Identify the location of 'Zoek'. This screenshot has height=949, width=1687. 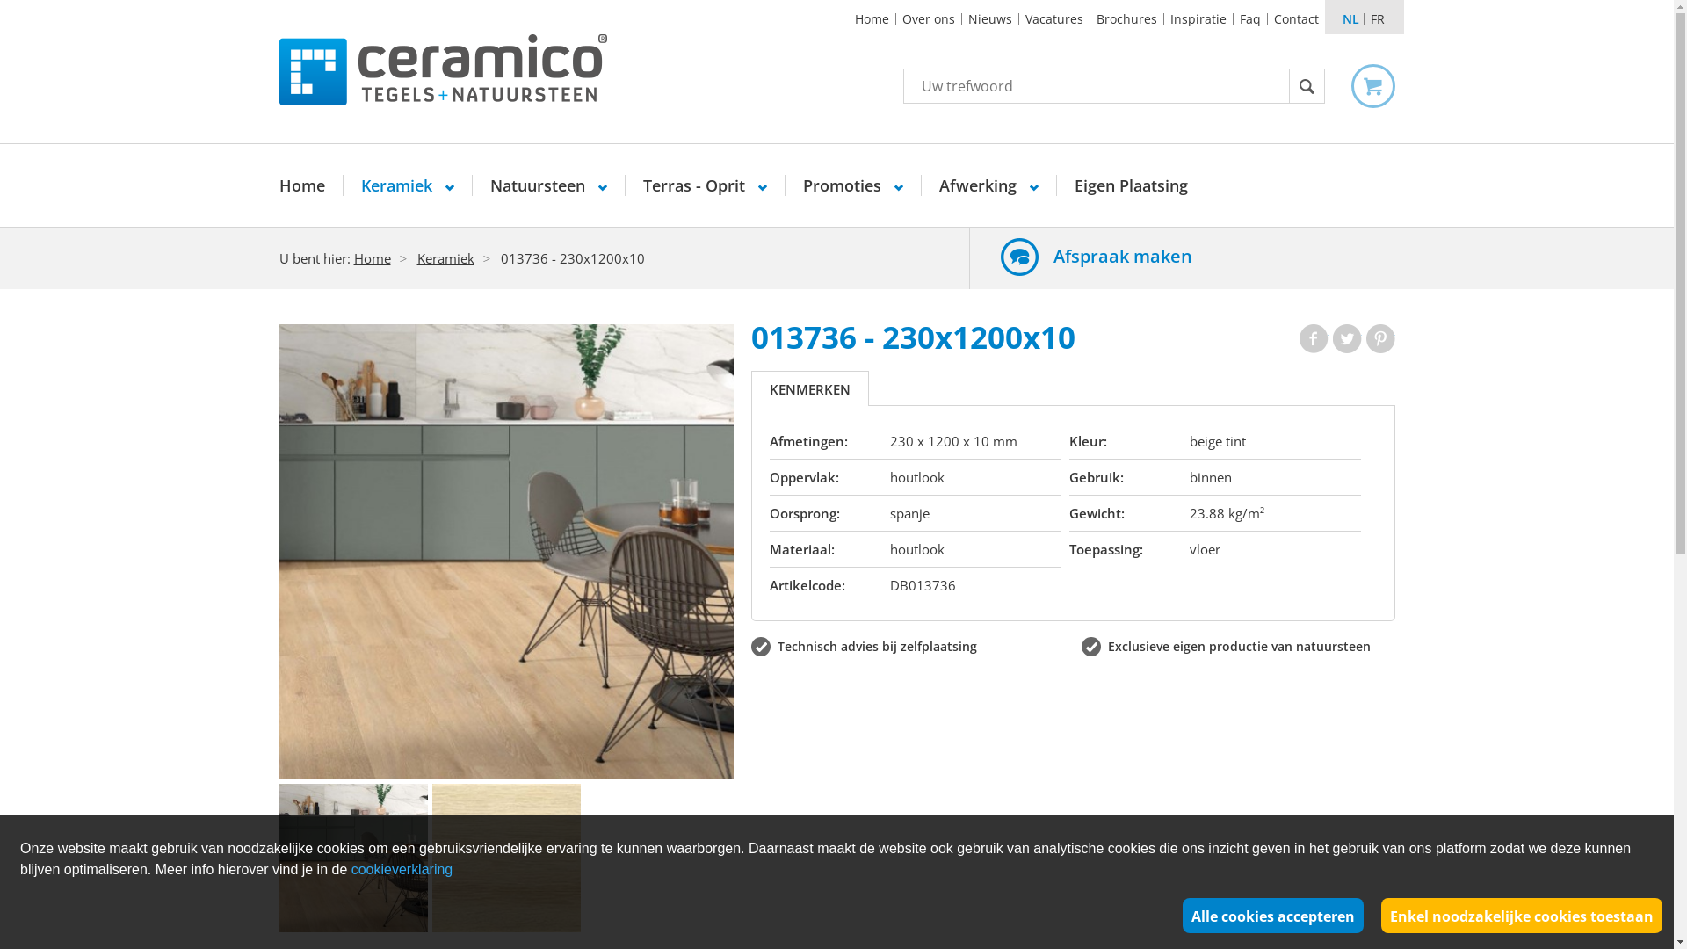
(1307, 85).